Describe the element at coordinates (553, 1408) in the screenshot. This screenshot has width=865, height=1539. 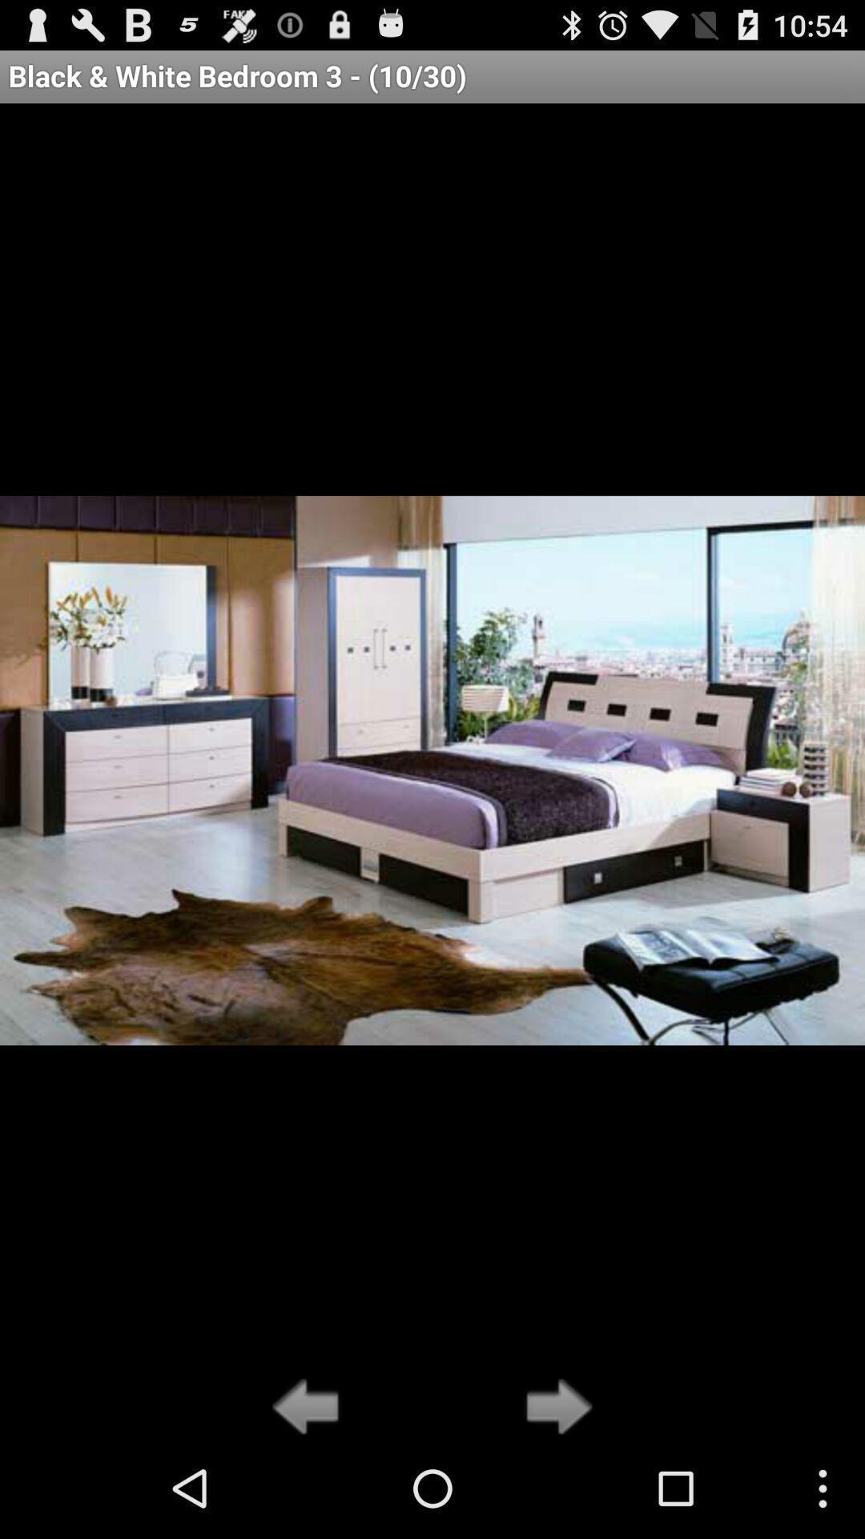
I see `next picture` at that location.